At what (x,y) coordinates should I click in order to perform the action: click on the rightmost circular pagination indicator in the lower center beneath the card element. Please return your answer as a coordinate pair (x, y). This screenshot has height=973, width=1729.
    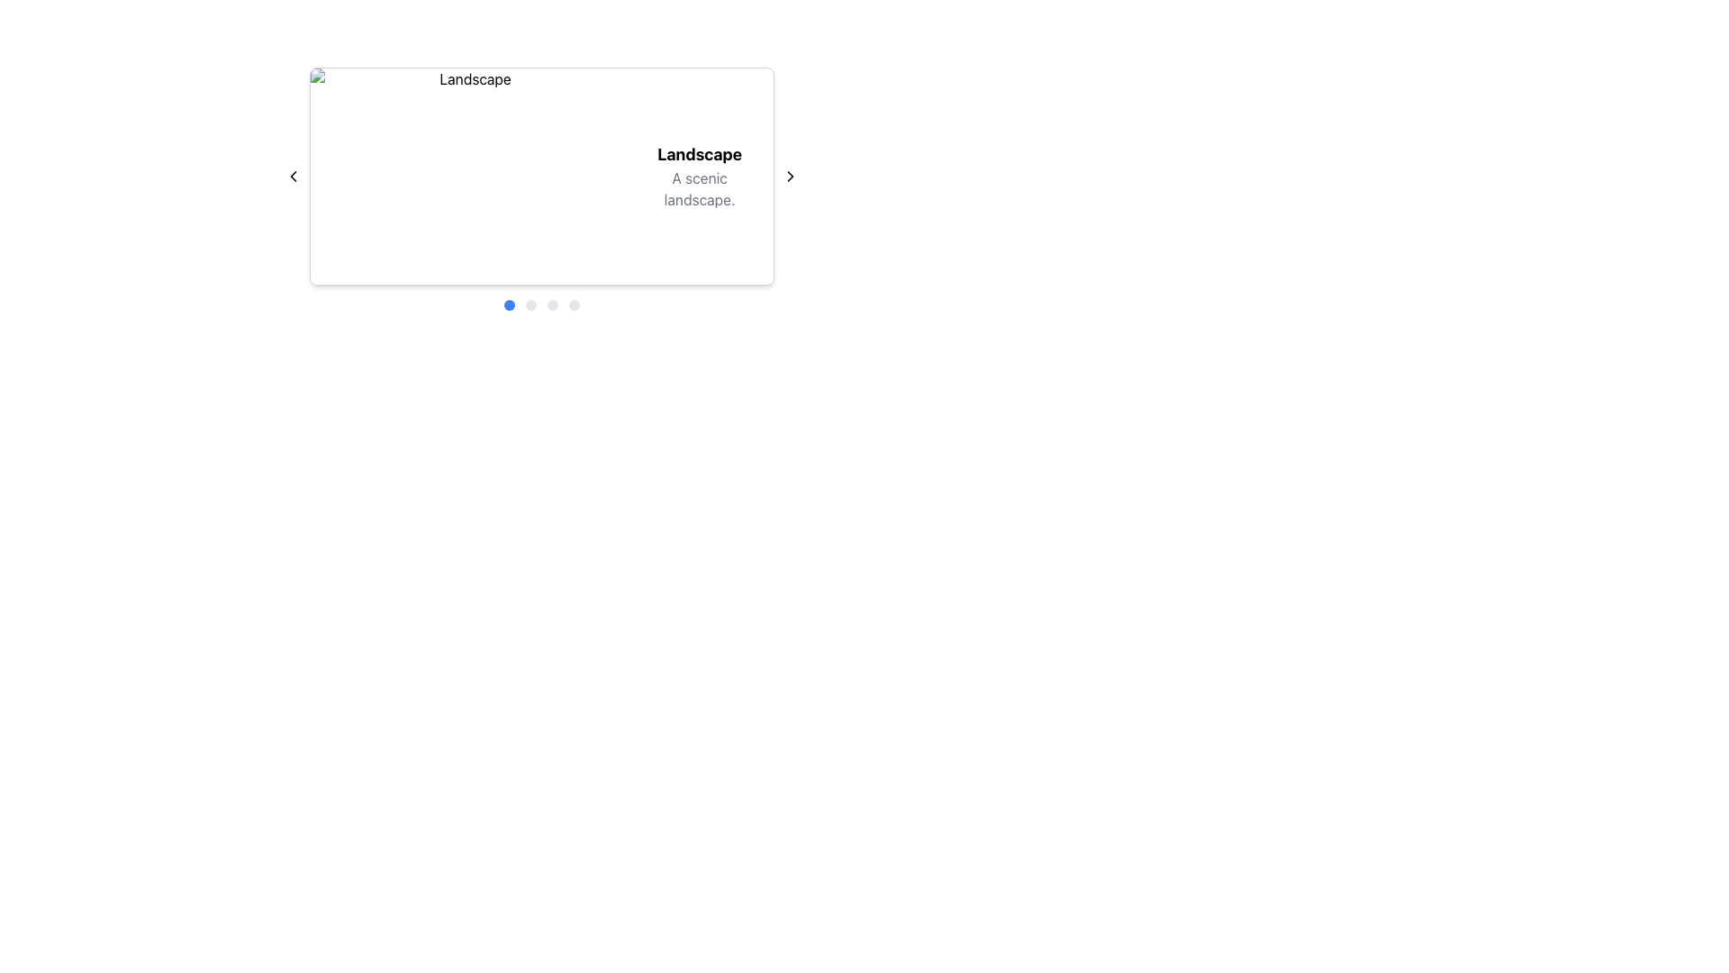
    Looking at the image, I should click on (574, 305).